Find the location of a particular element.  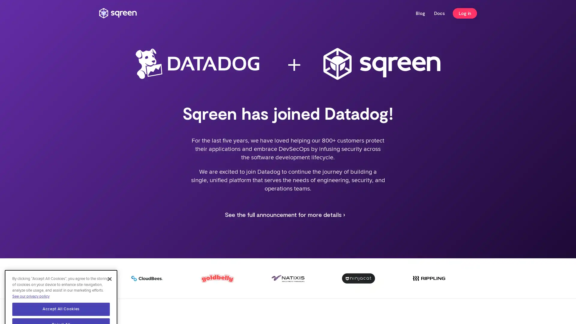

Close is located at coordinates (109, 255).